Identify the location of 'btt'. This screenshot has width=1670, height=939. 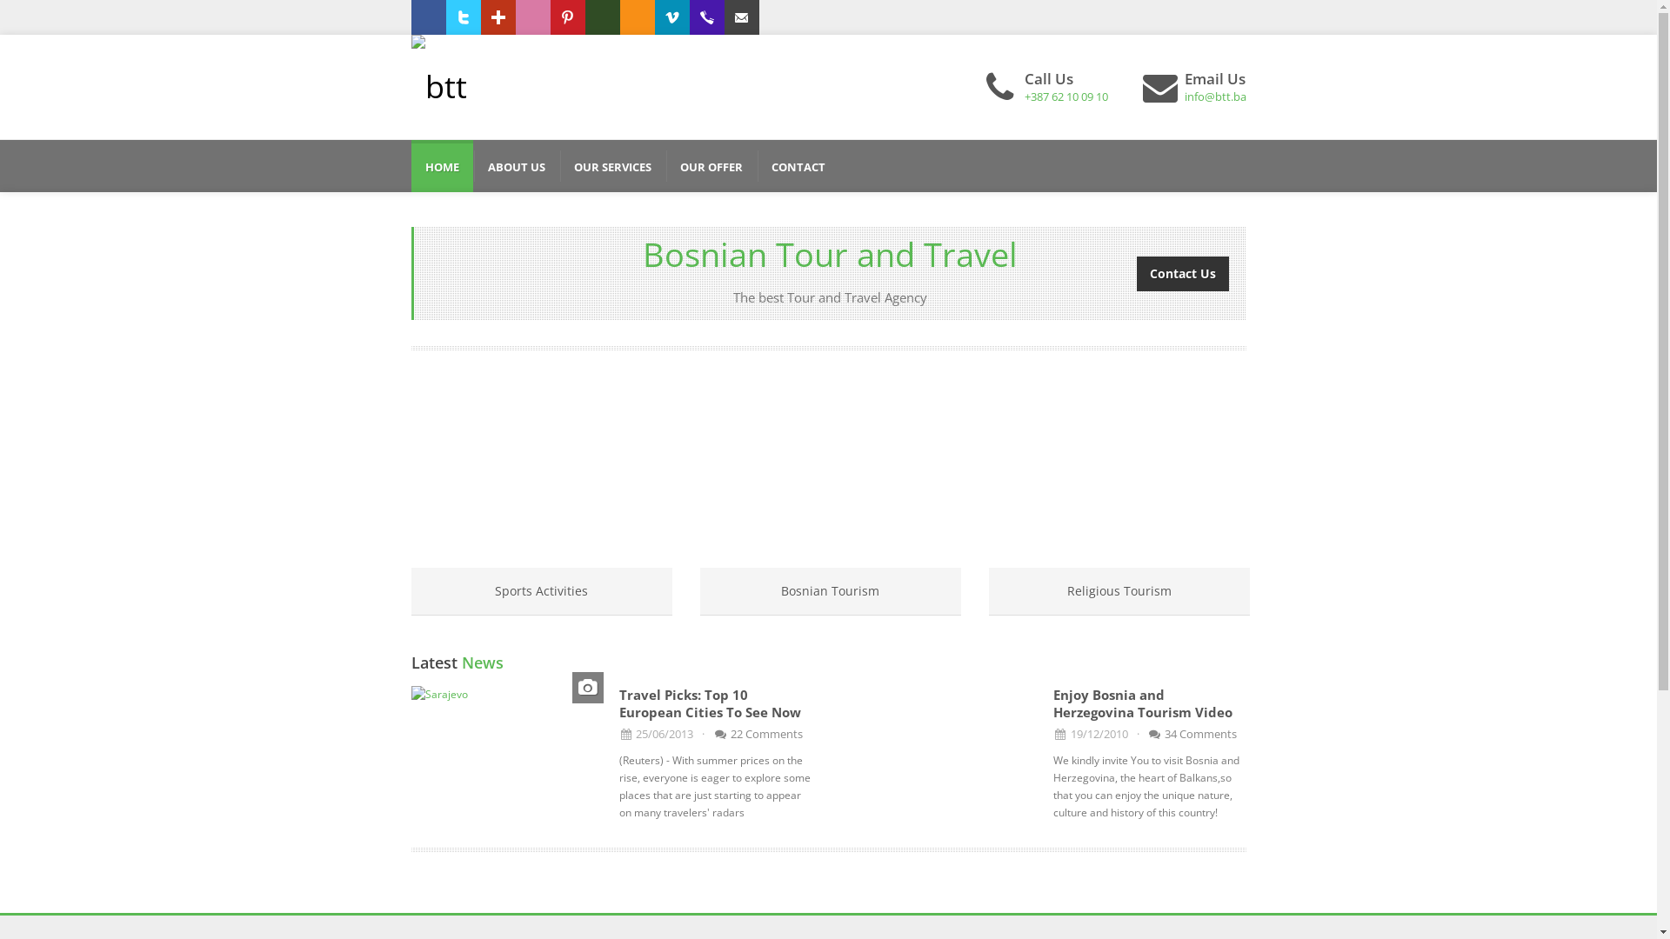
(438, 87).